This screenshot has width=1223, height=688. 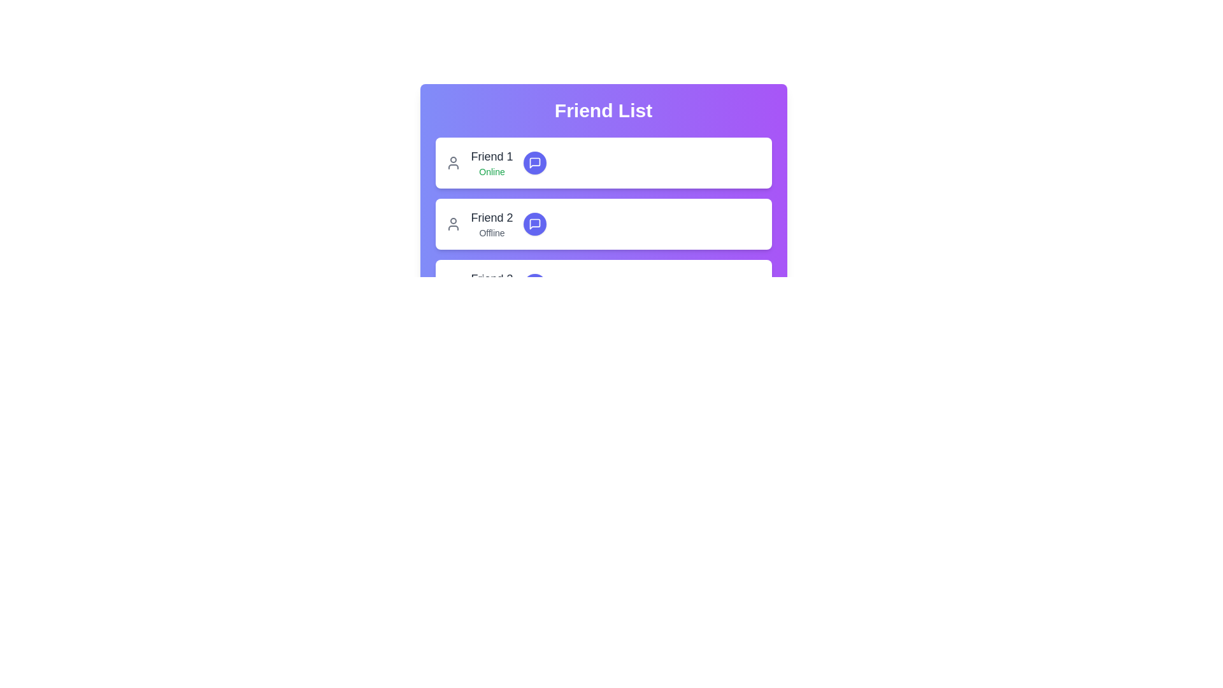 I want to click on the message bubble icon to the right of 'Friend 2' in the 'Friend List' to initiate a chat session, so click(x=534, y=223).